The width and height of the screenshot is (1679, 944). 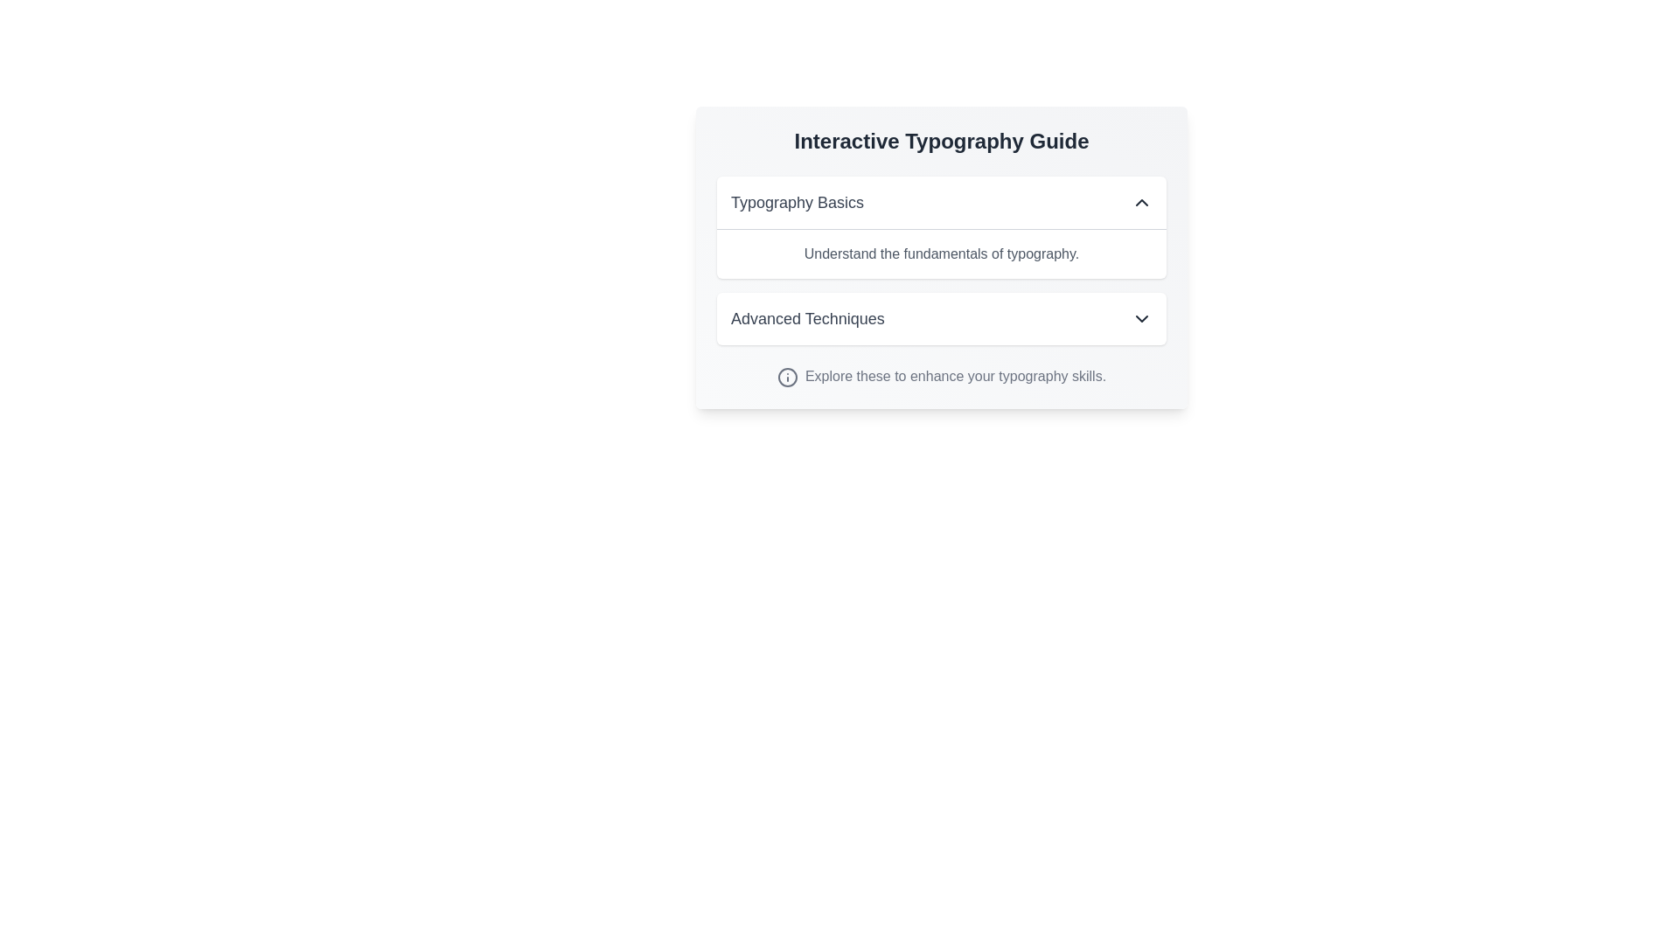 What do you see at coordinates (806, 319) in the screenshot?
I see `the text label or heading located in the middle section of the interface` at bounding box center [806, 319].